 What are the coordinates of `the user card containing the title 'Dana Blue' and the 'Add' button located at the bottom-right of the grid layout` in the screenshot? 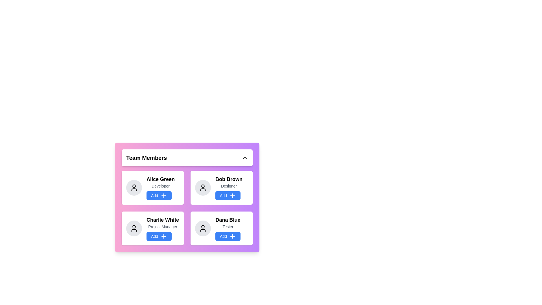 It's located at (221, 228).